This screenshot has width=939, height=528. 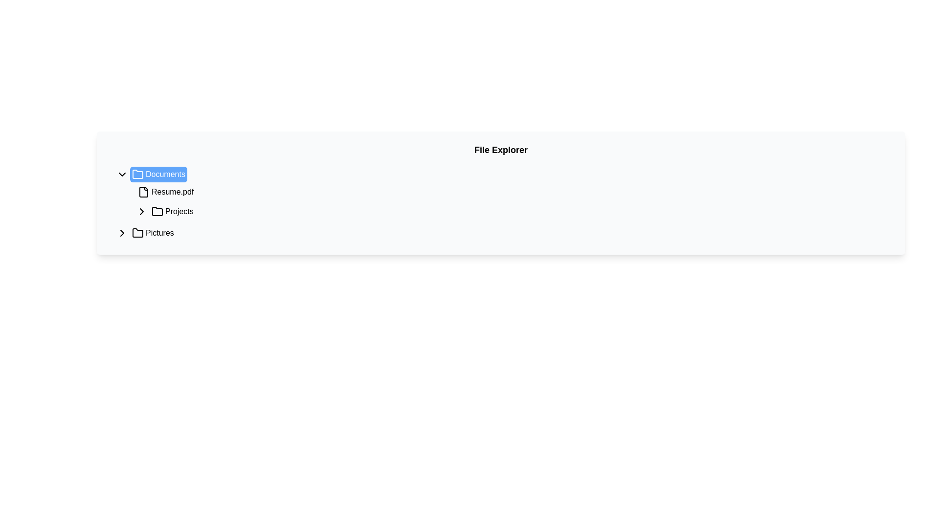 What do you see at coordinates (141, 211) in the screenshot?
I see `the small right-pointing chevron icon button` at bounding box center [141, 211].